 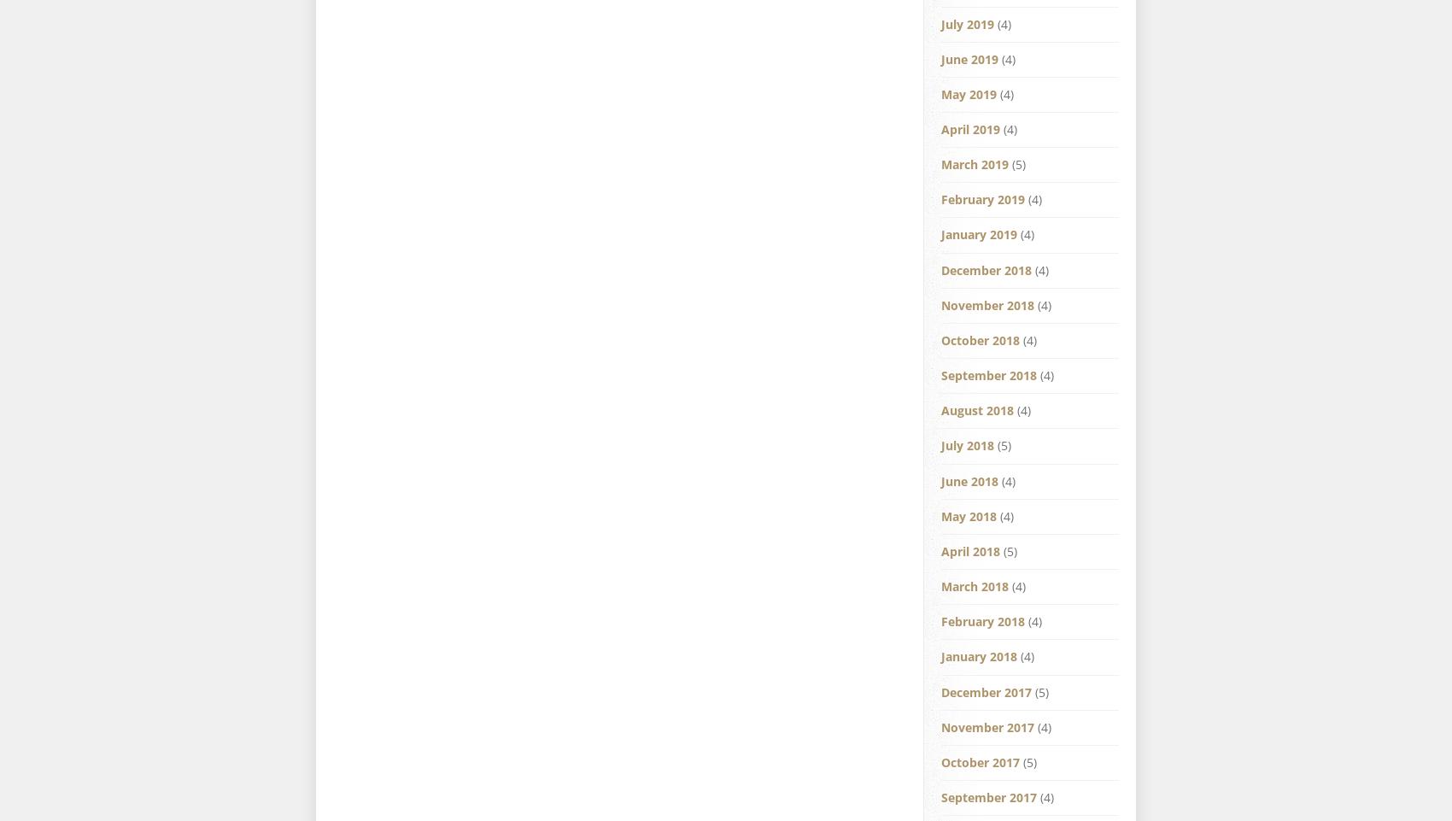 What do you see at coordinates (989, 796) in the screenshot?
I see `'September 2017'` at bounding box center [989, 796].